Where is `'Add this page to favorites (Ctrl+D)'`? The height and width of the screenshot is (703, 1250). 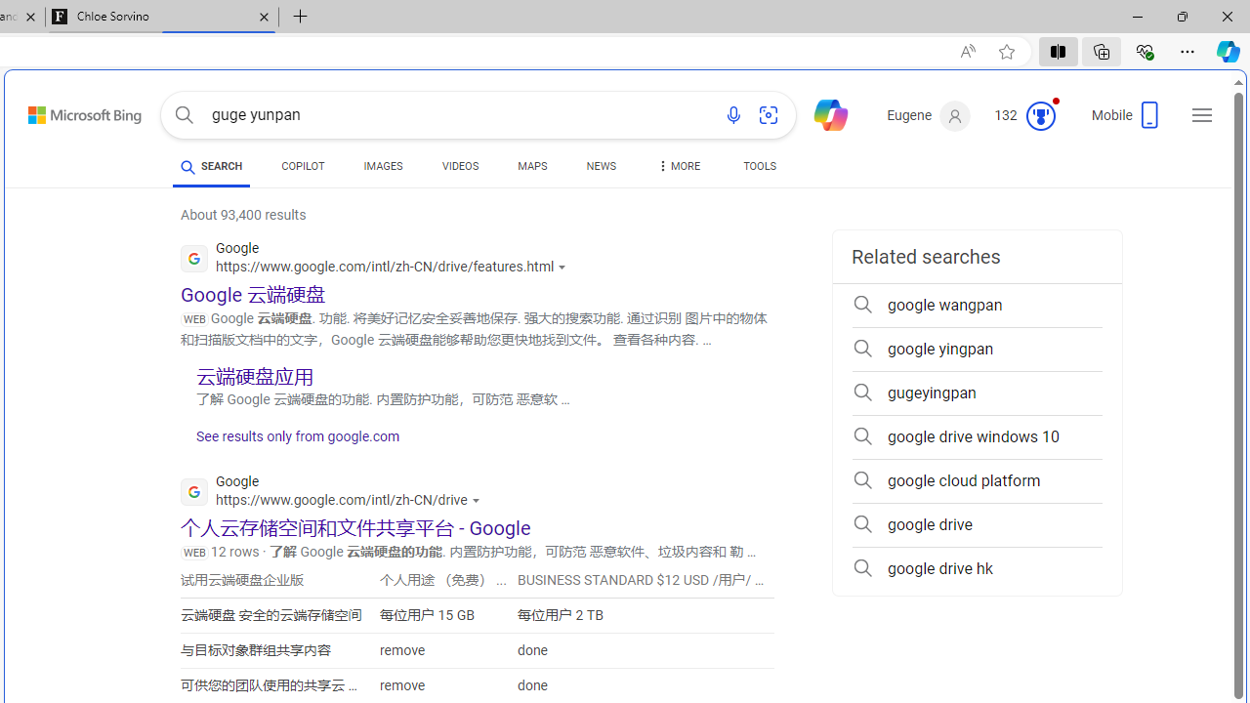 'Add this page to favorites (Ctrl+D)' is located at coordinates (1007, 51).